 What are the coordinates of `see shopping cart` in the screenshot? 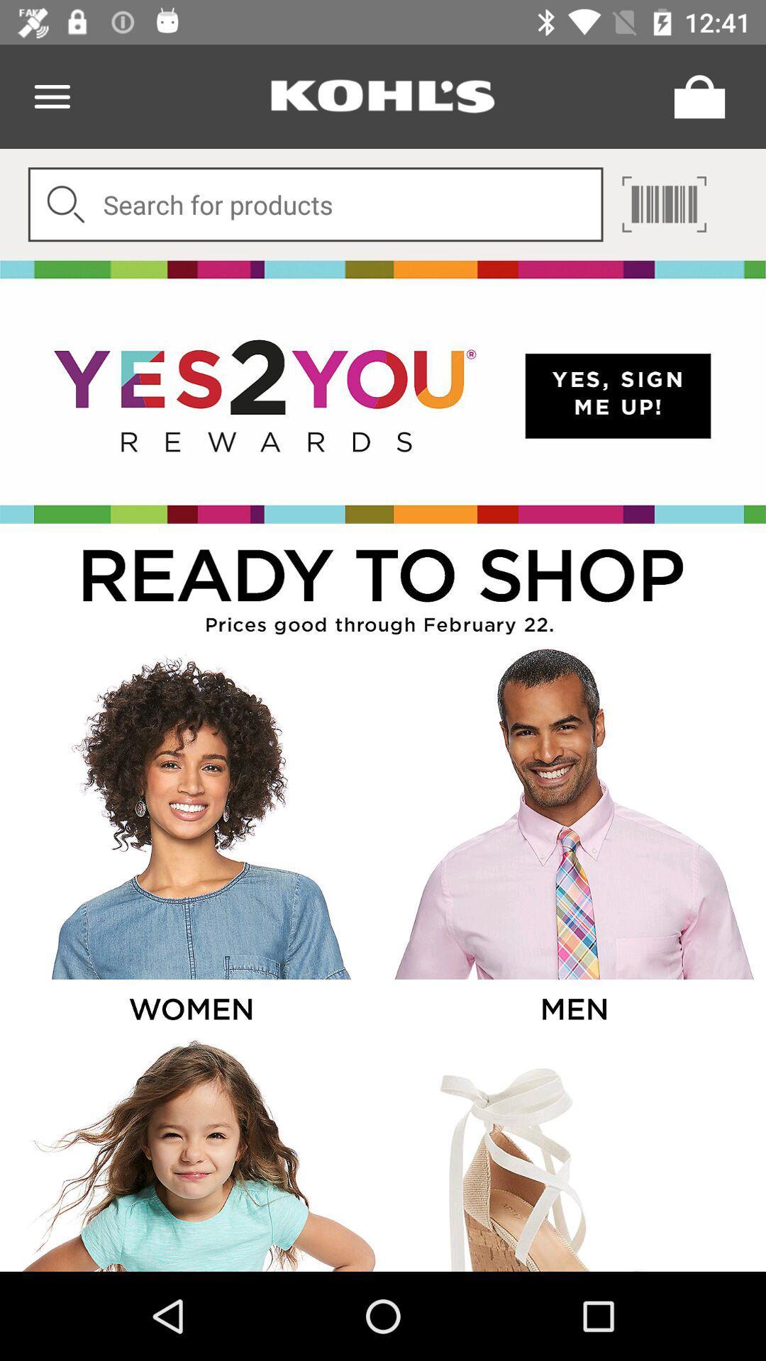 It's located at (695, 96).